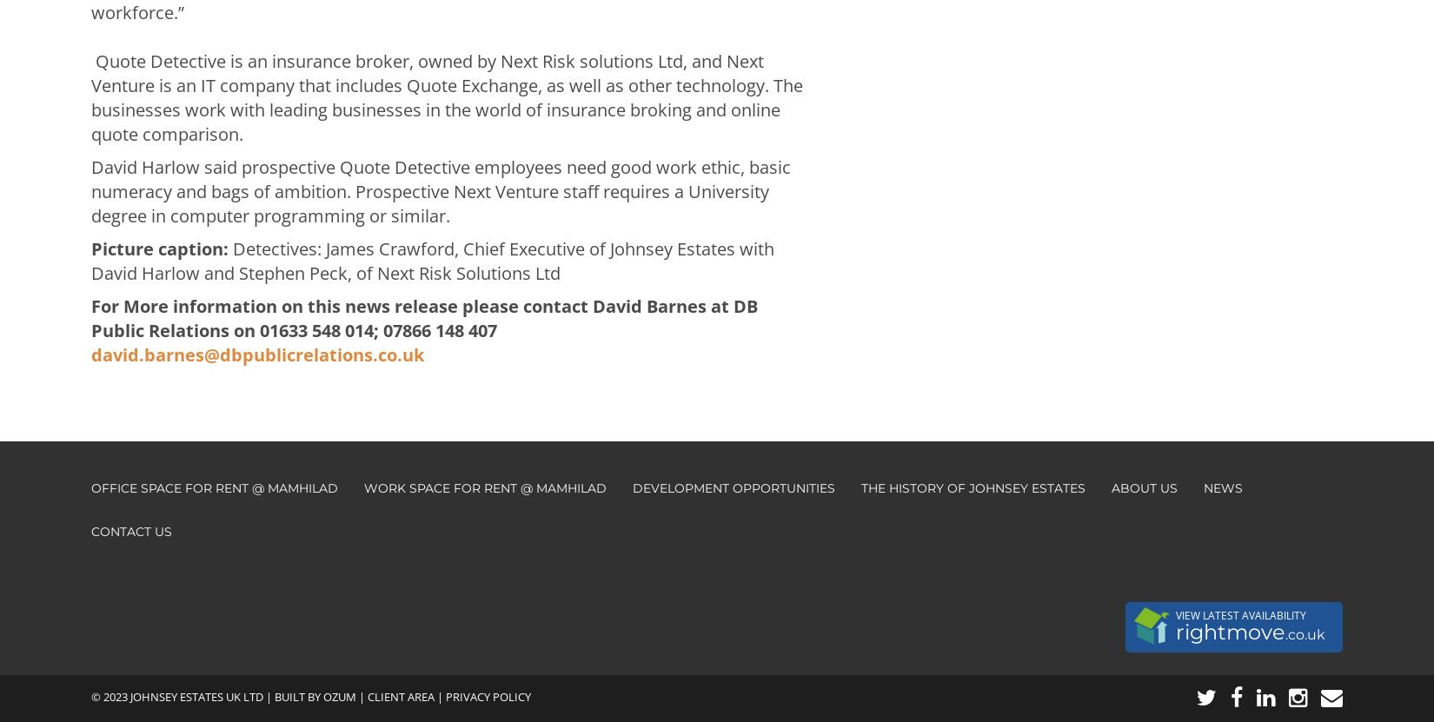 The image size is (1434, 722). Describe the element at coordinates (973, 488) in the screenshot. I see `'The History of Johnsey Estates'` at that location.